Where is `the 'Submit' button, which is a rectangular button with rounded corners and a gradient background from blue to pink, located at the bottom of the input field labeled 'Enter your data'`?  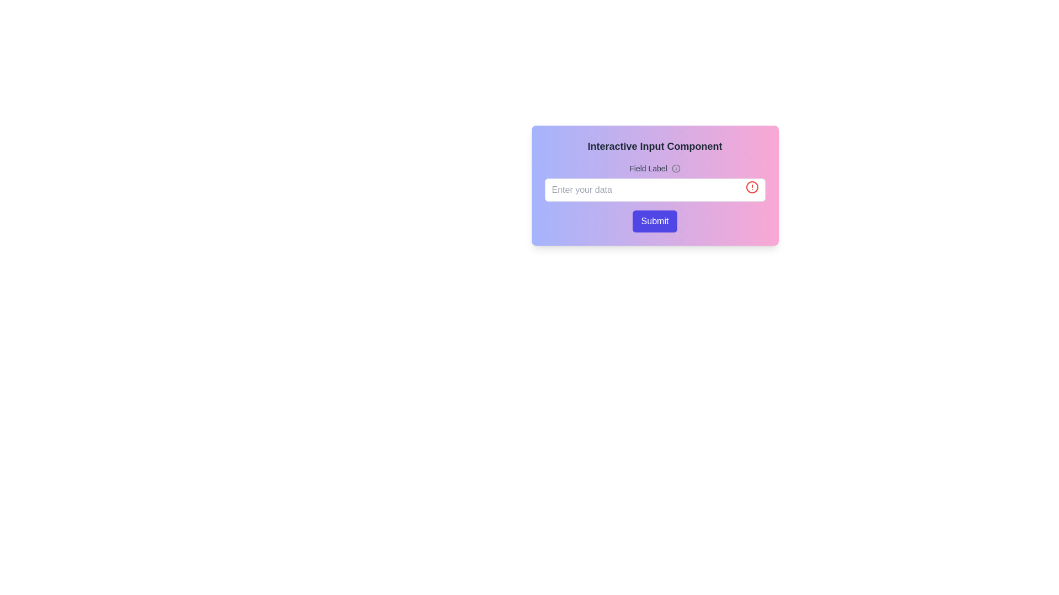 the 'Submit' button, which is a rectangular button with rounded corners and a gradient background from blue to pink, located at the bottom of the input field labeled 'Enter your data' is located at coordinates (655, 221).